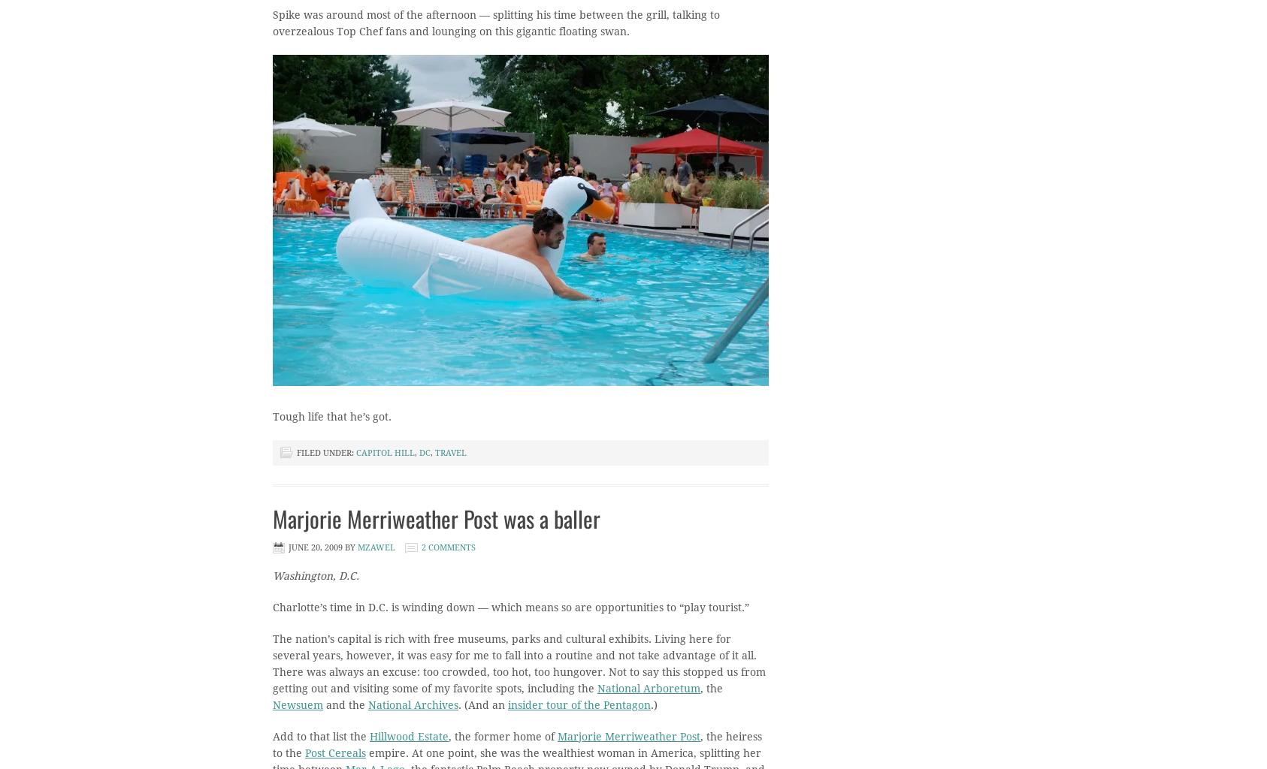 The height and width of the screenshot is (769, 1267). What do you see at coordinates (413, 705) in the screenshot?
I see `'National Archives'` at bounding box center [413, 705].